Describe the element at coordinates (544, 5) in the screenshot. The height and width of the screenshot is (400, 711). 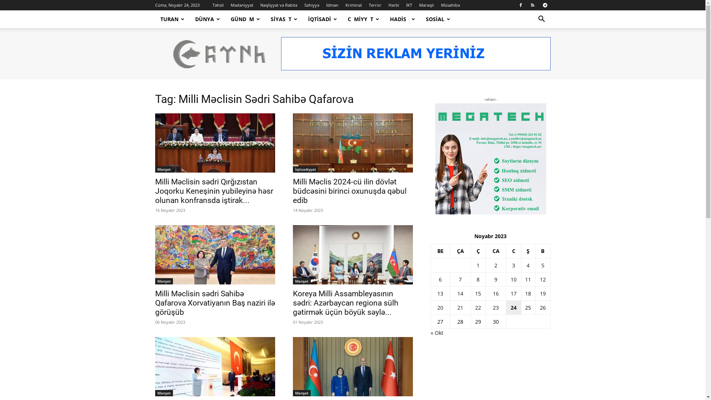
I see `'Telegram'` at that location.